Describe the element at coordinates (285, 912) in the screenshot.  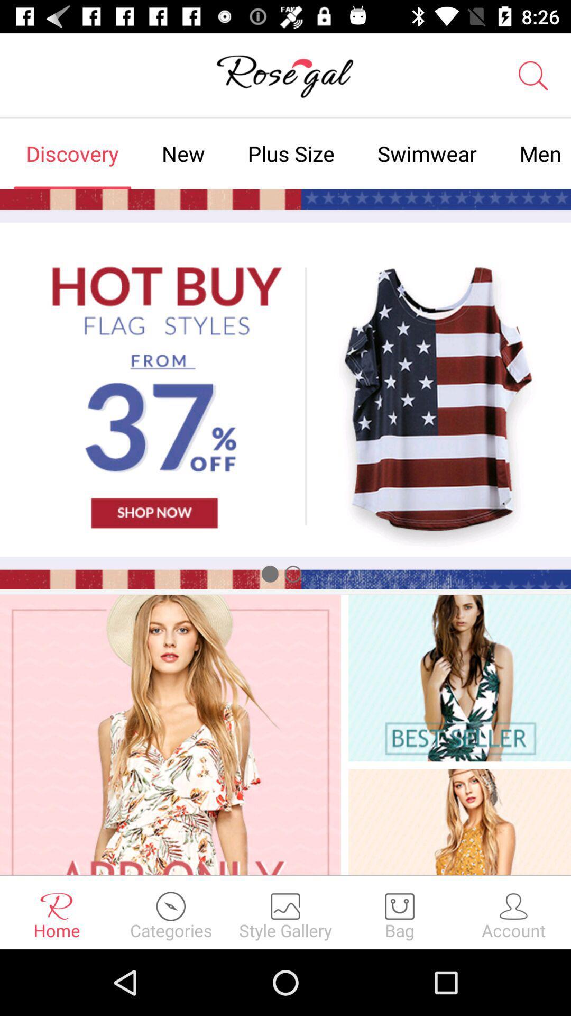
I see `the style gallery icon on the web page` at that location.